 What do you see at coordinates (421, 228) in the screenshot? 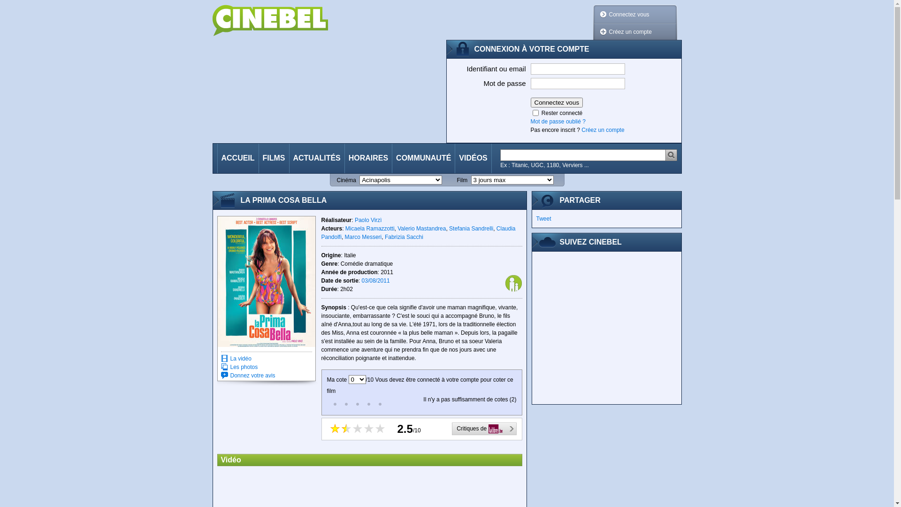
I see `'Valerio Mastandrea'` at bounding box center [421, 228].